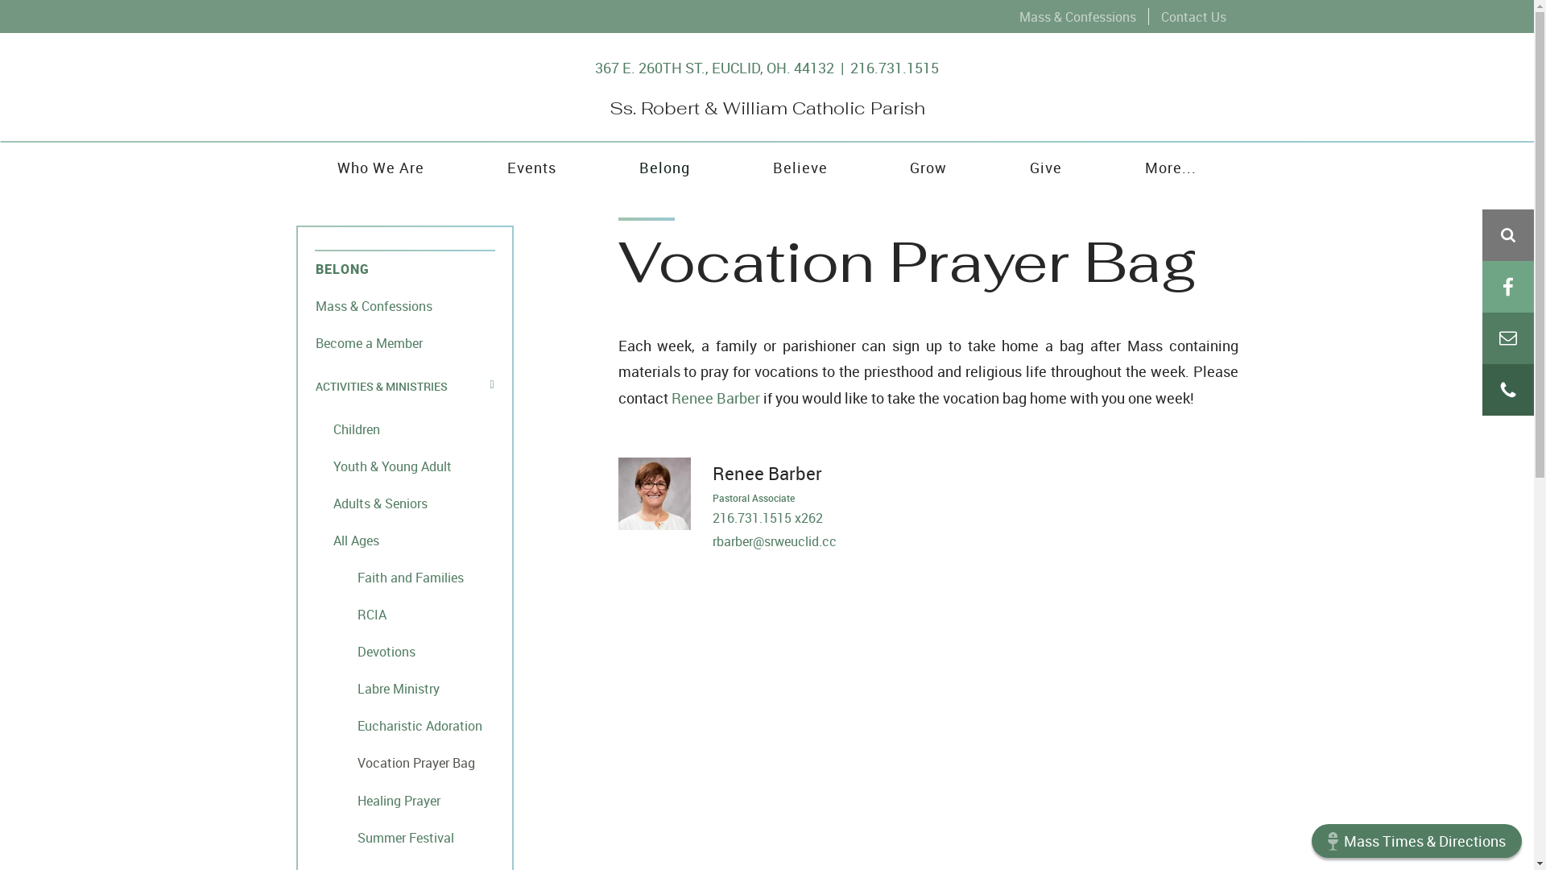 The width and height of the screenshot is (1546, 870). Describe the element at coordinates (664, 167) in the screenshot. I see `'Belong'` at that location.